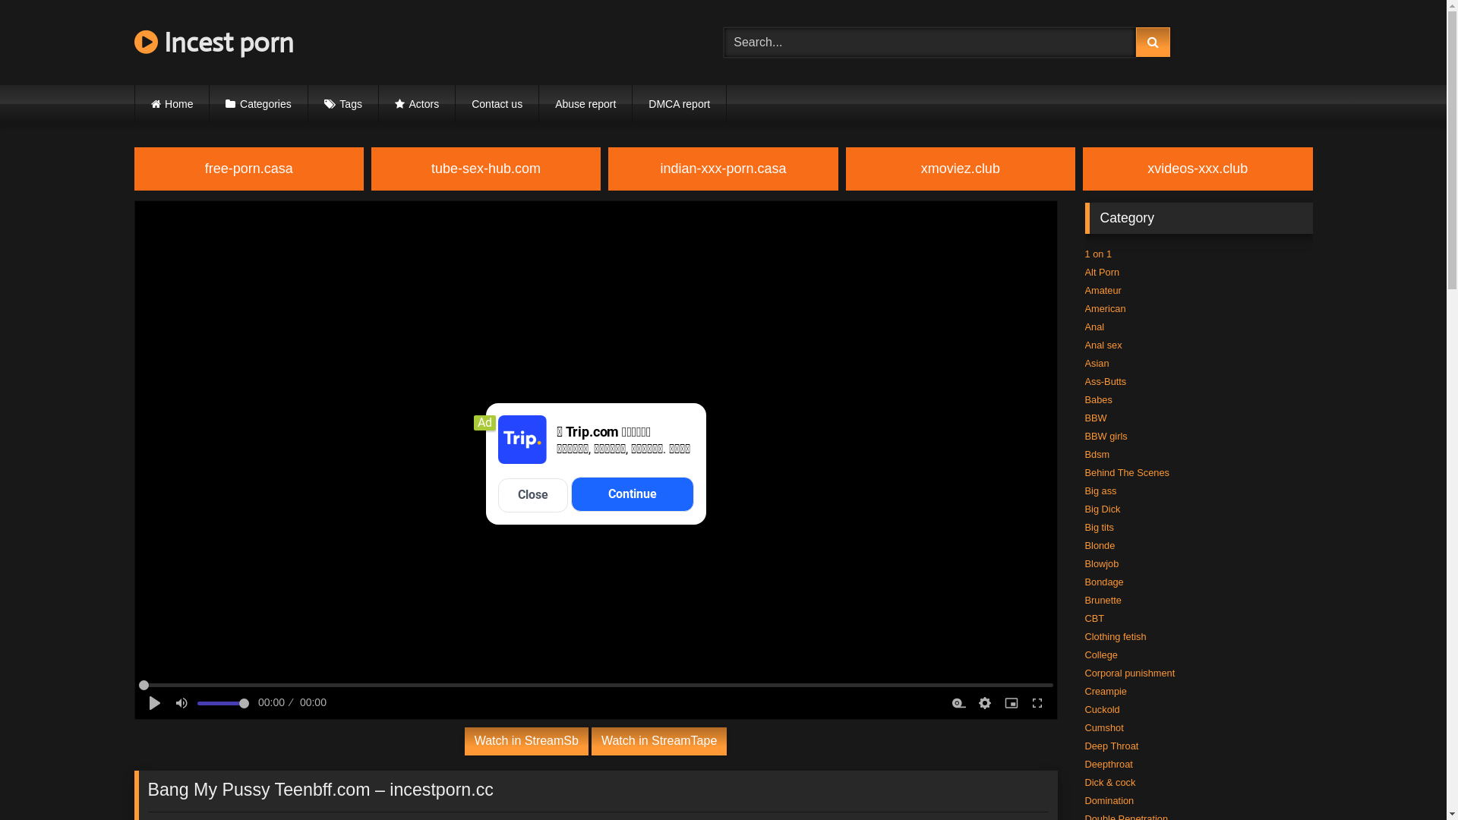 Image resolution: width=1458 pixels, height=820 pixels. I want to click on 'Dick & cock', so click(1109, 782).